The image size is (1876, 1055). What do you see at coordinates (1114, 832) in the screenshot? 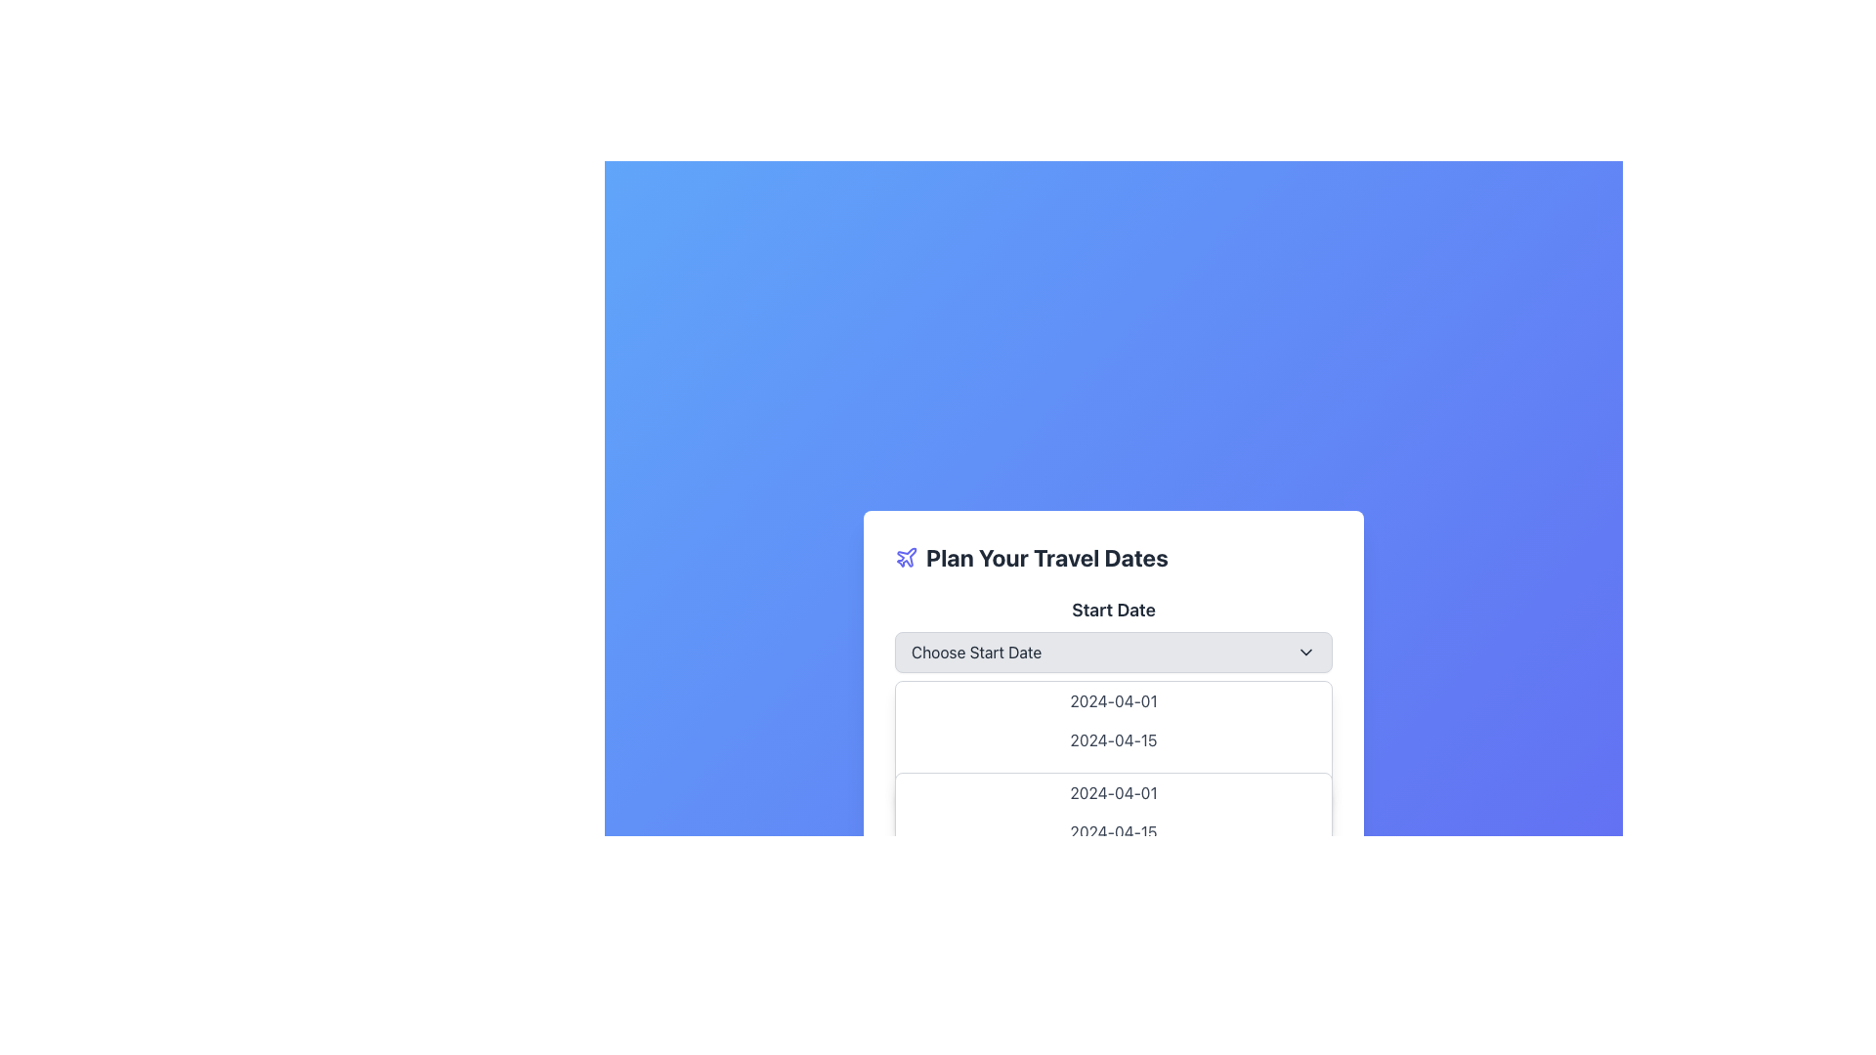
I see `the dropdown menu row` at bounding box center [1114, 832].